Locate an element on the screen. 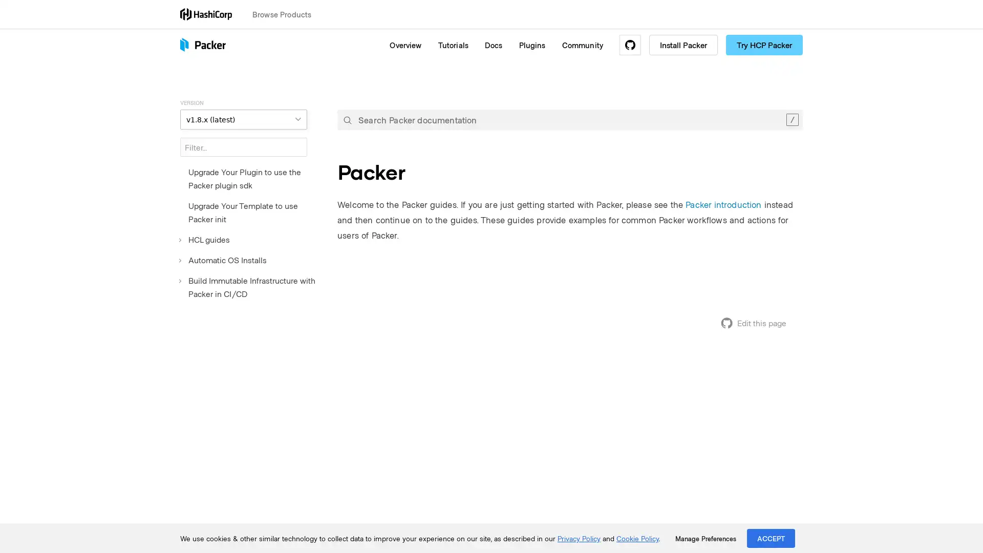 The image size is (983, 553). VERSION is located at coordinates (243, 119).